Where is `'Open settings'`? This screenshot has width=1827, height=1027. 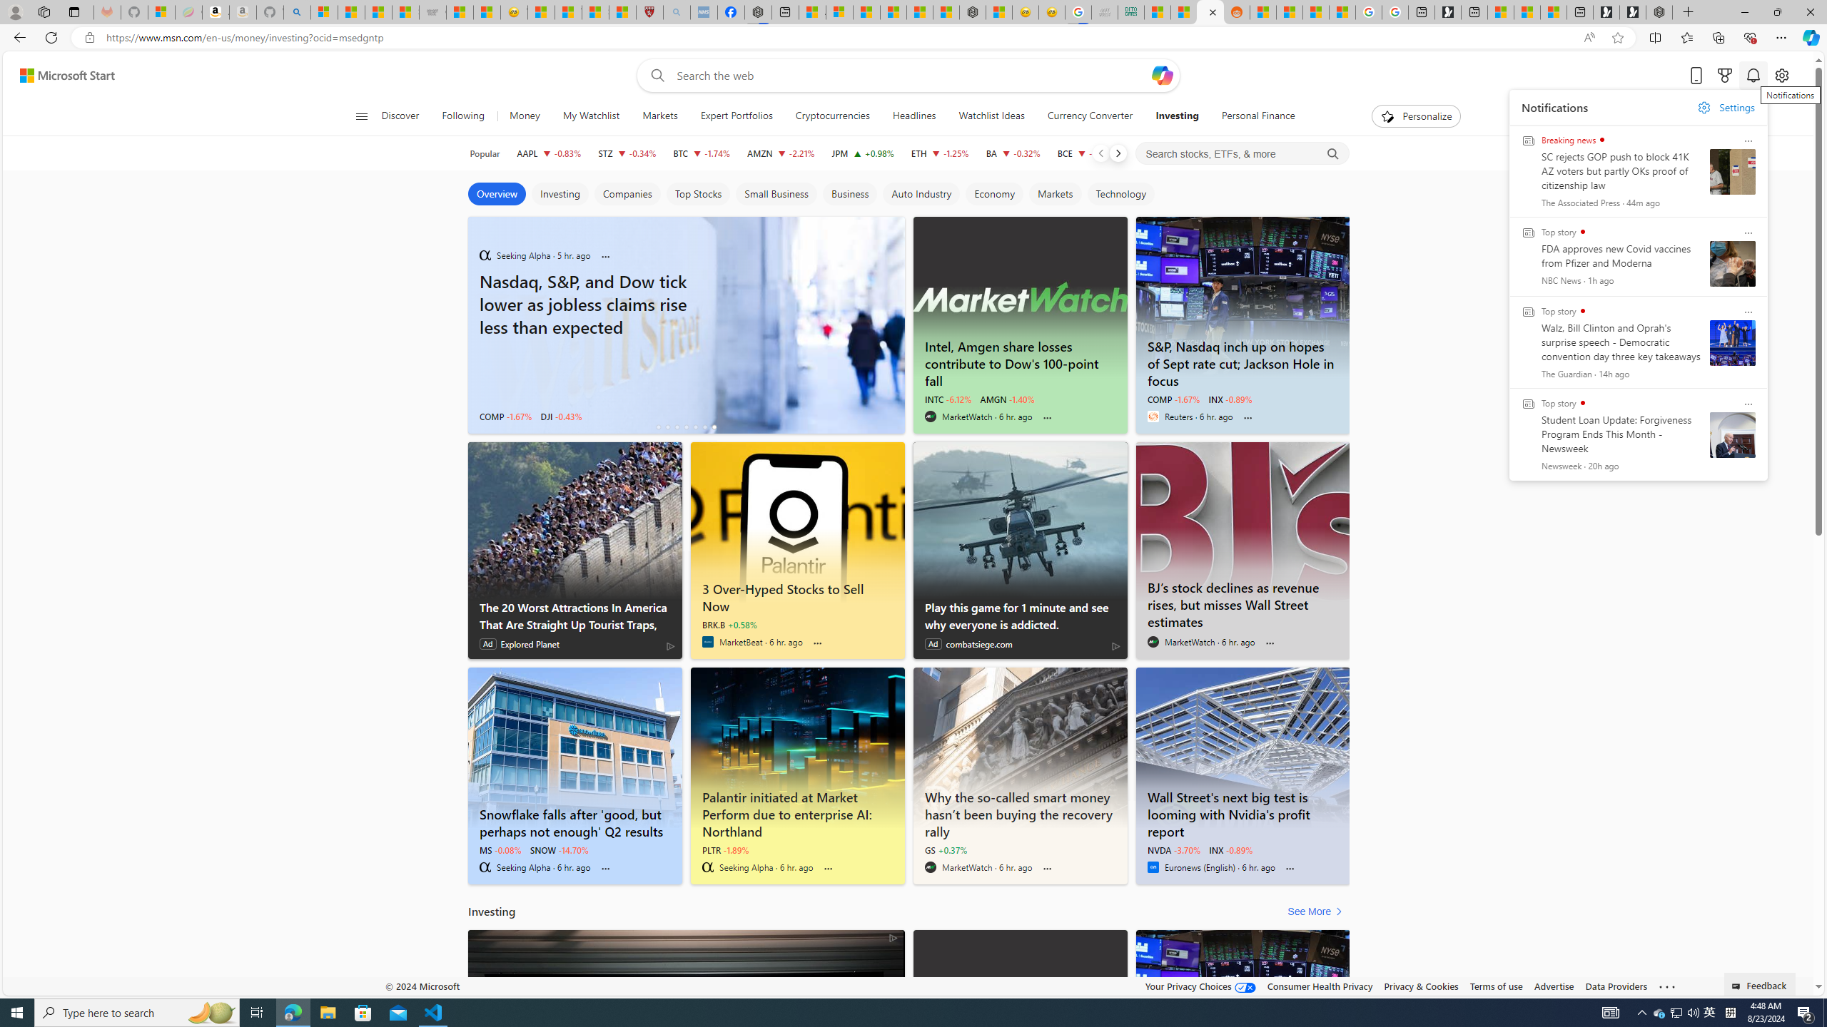
'Open settings' is located at coordinates (1781, 76).